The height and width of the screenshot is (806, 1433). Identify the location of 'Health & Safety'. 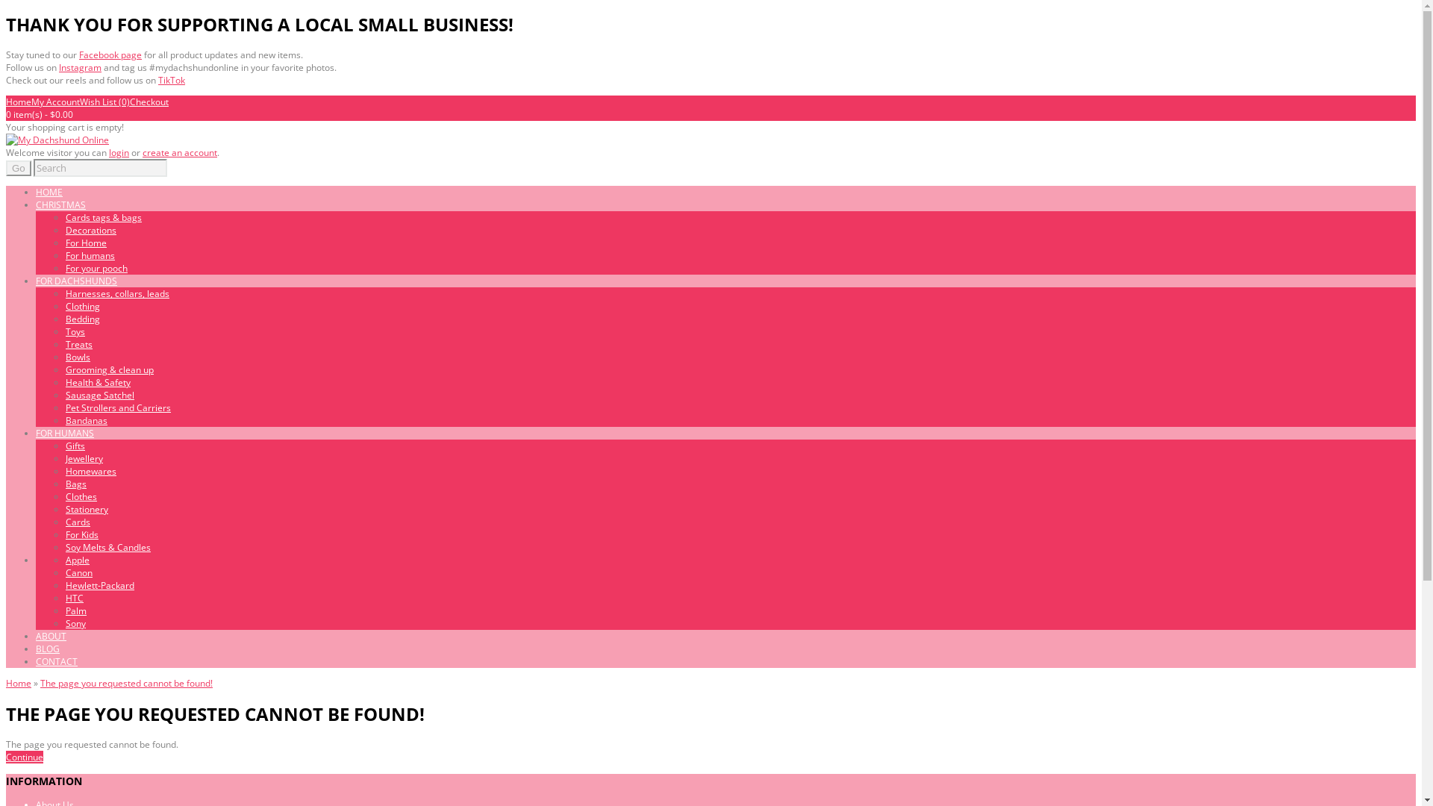
(64, 381).